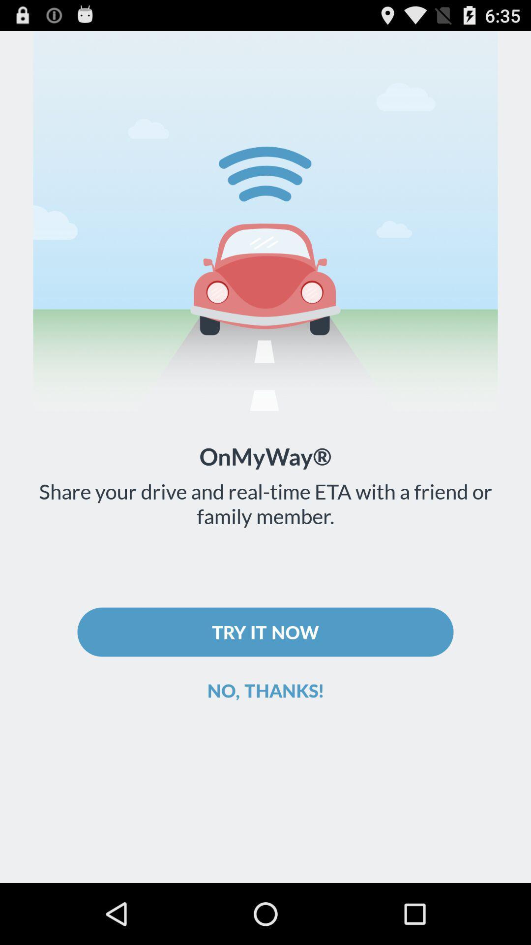  Describe the element at coordinates (265, 690) in the screenshot. I see `the no, thanks! icon` at that location.